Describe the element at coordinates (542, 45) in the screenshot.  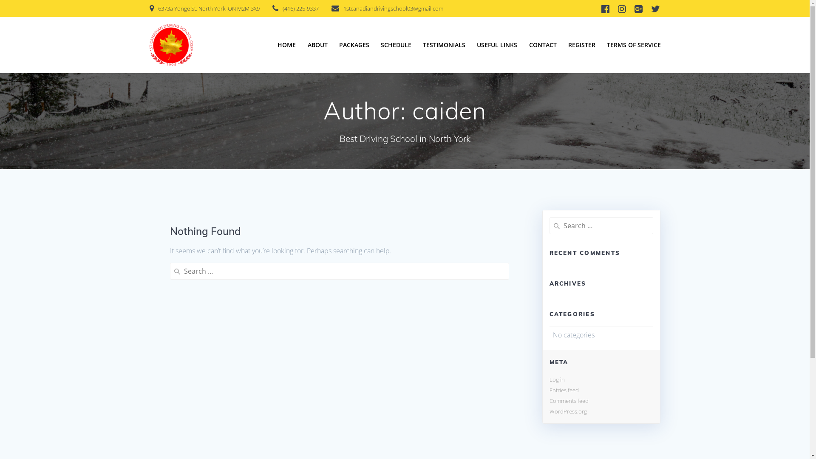
I see `'CONTACT'` at that location.